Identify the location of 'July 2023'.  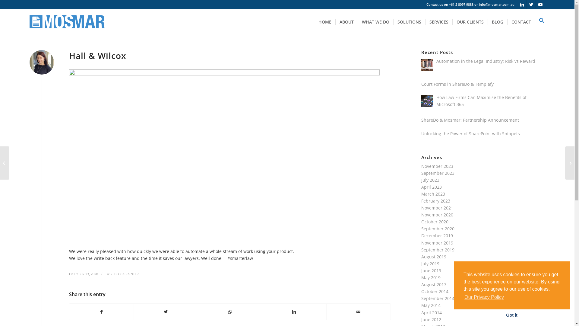
(430, 180).